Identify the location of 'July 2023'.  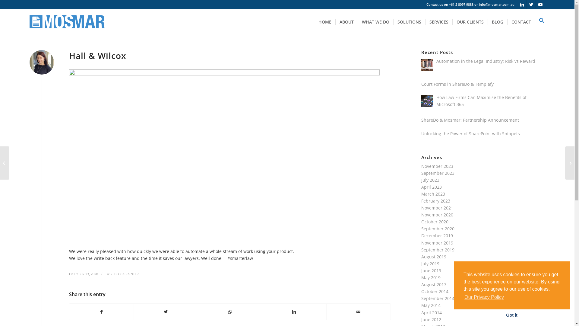
(430, 180).